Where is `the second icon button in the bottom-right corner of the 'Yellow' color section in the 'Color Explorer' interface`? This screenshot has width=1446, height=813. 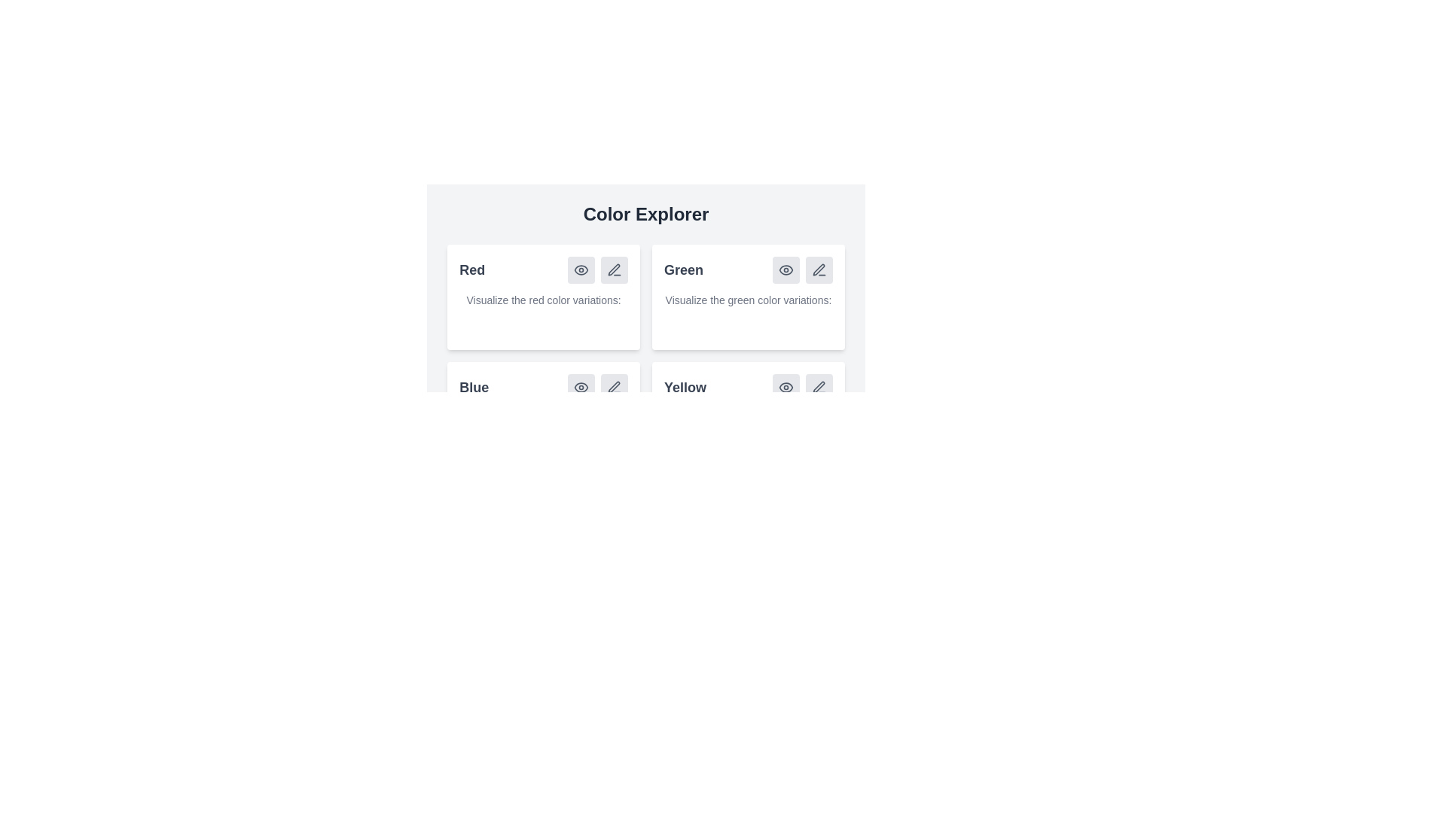
the second icon button in the bottom-right corner of the 'Yellow' color section in the 'Color Explorer' interface is located at coordinates (818, 386).